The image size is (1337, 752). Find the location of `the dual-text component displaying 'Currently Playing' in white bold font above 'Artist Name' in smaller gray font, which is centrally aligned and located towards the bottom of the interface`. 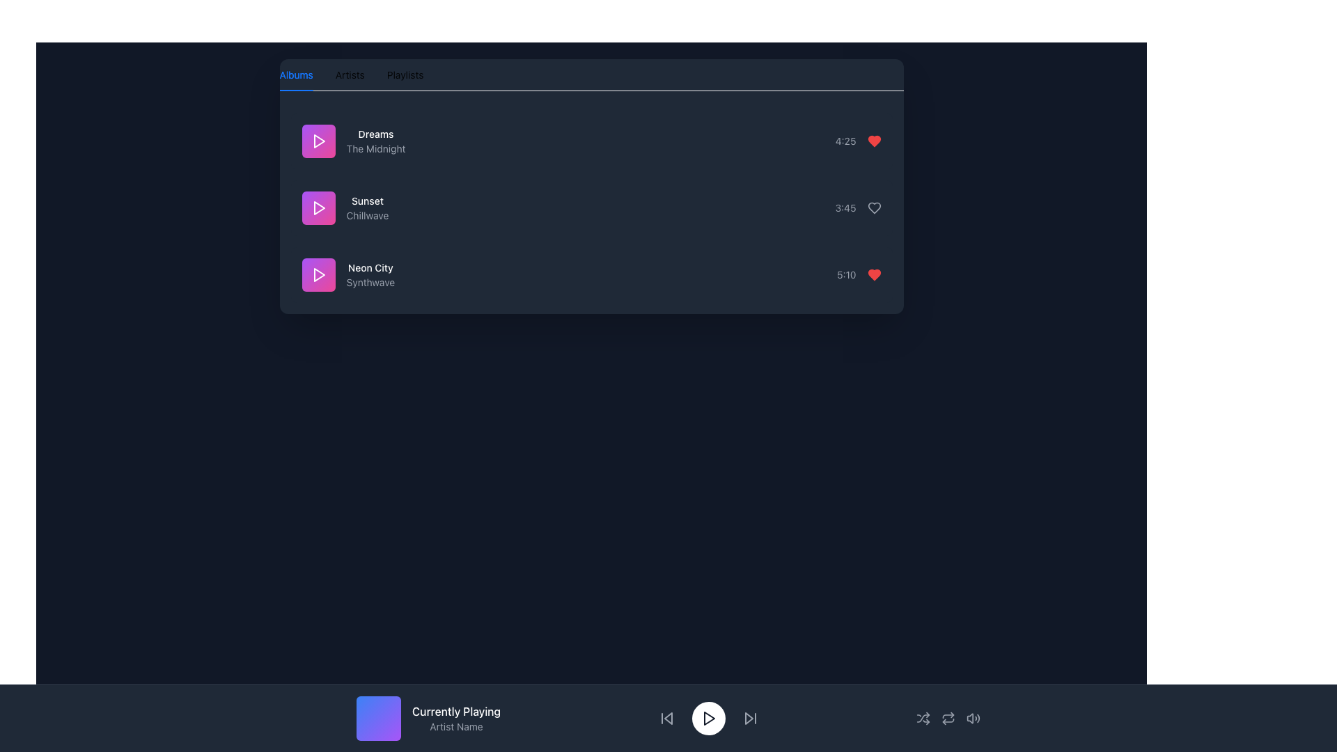

the dual-text component displaying 'Currently Playing' in white bold font above 'Artist Name' in smaller gray font, which is centrally aligned and located towards the bottom of the interface is located at coordinates (456, 719).